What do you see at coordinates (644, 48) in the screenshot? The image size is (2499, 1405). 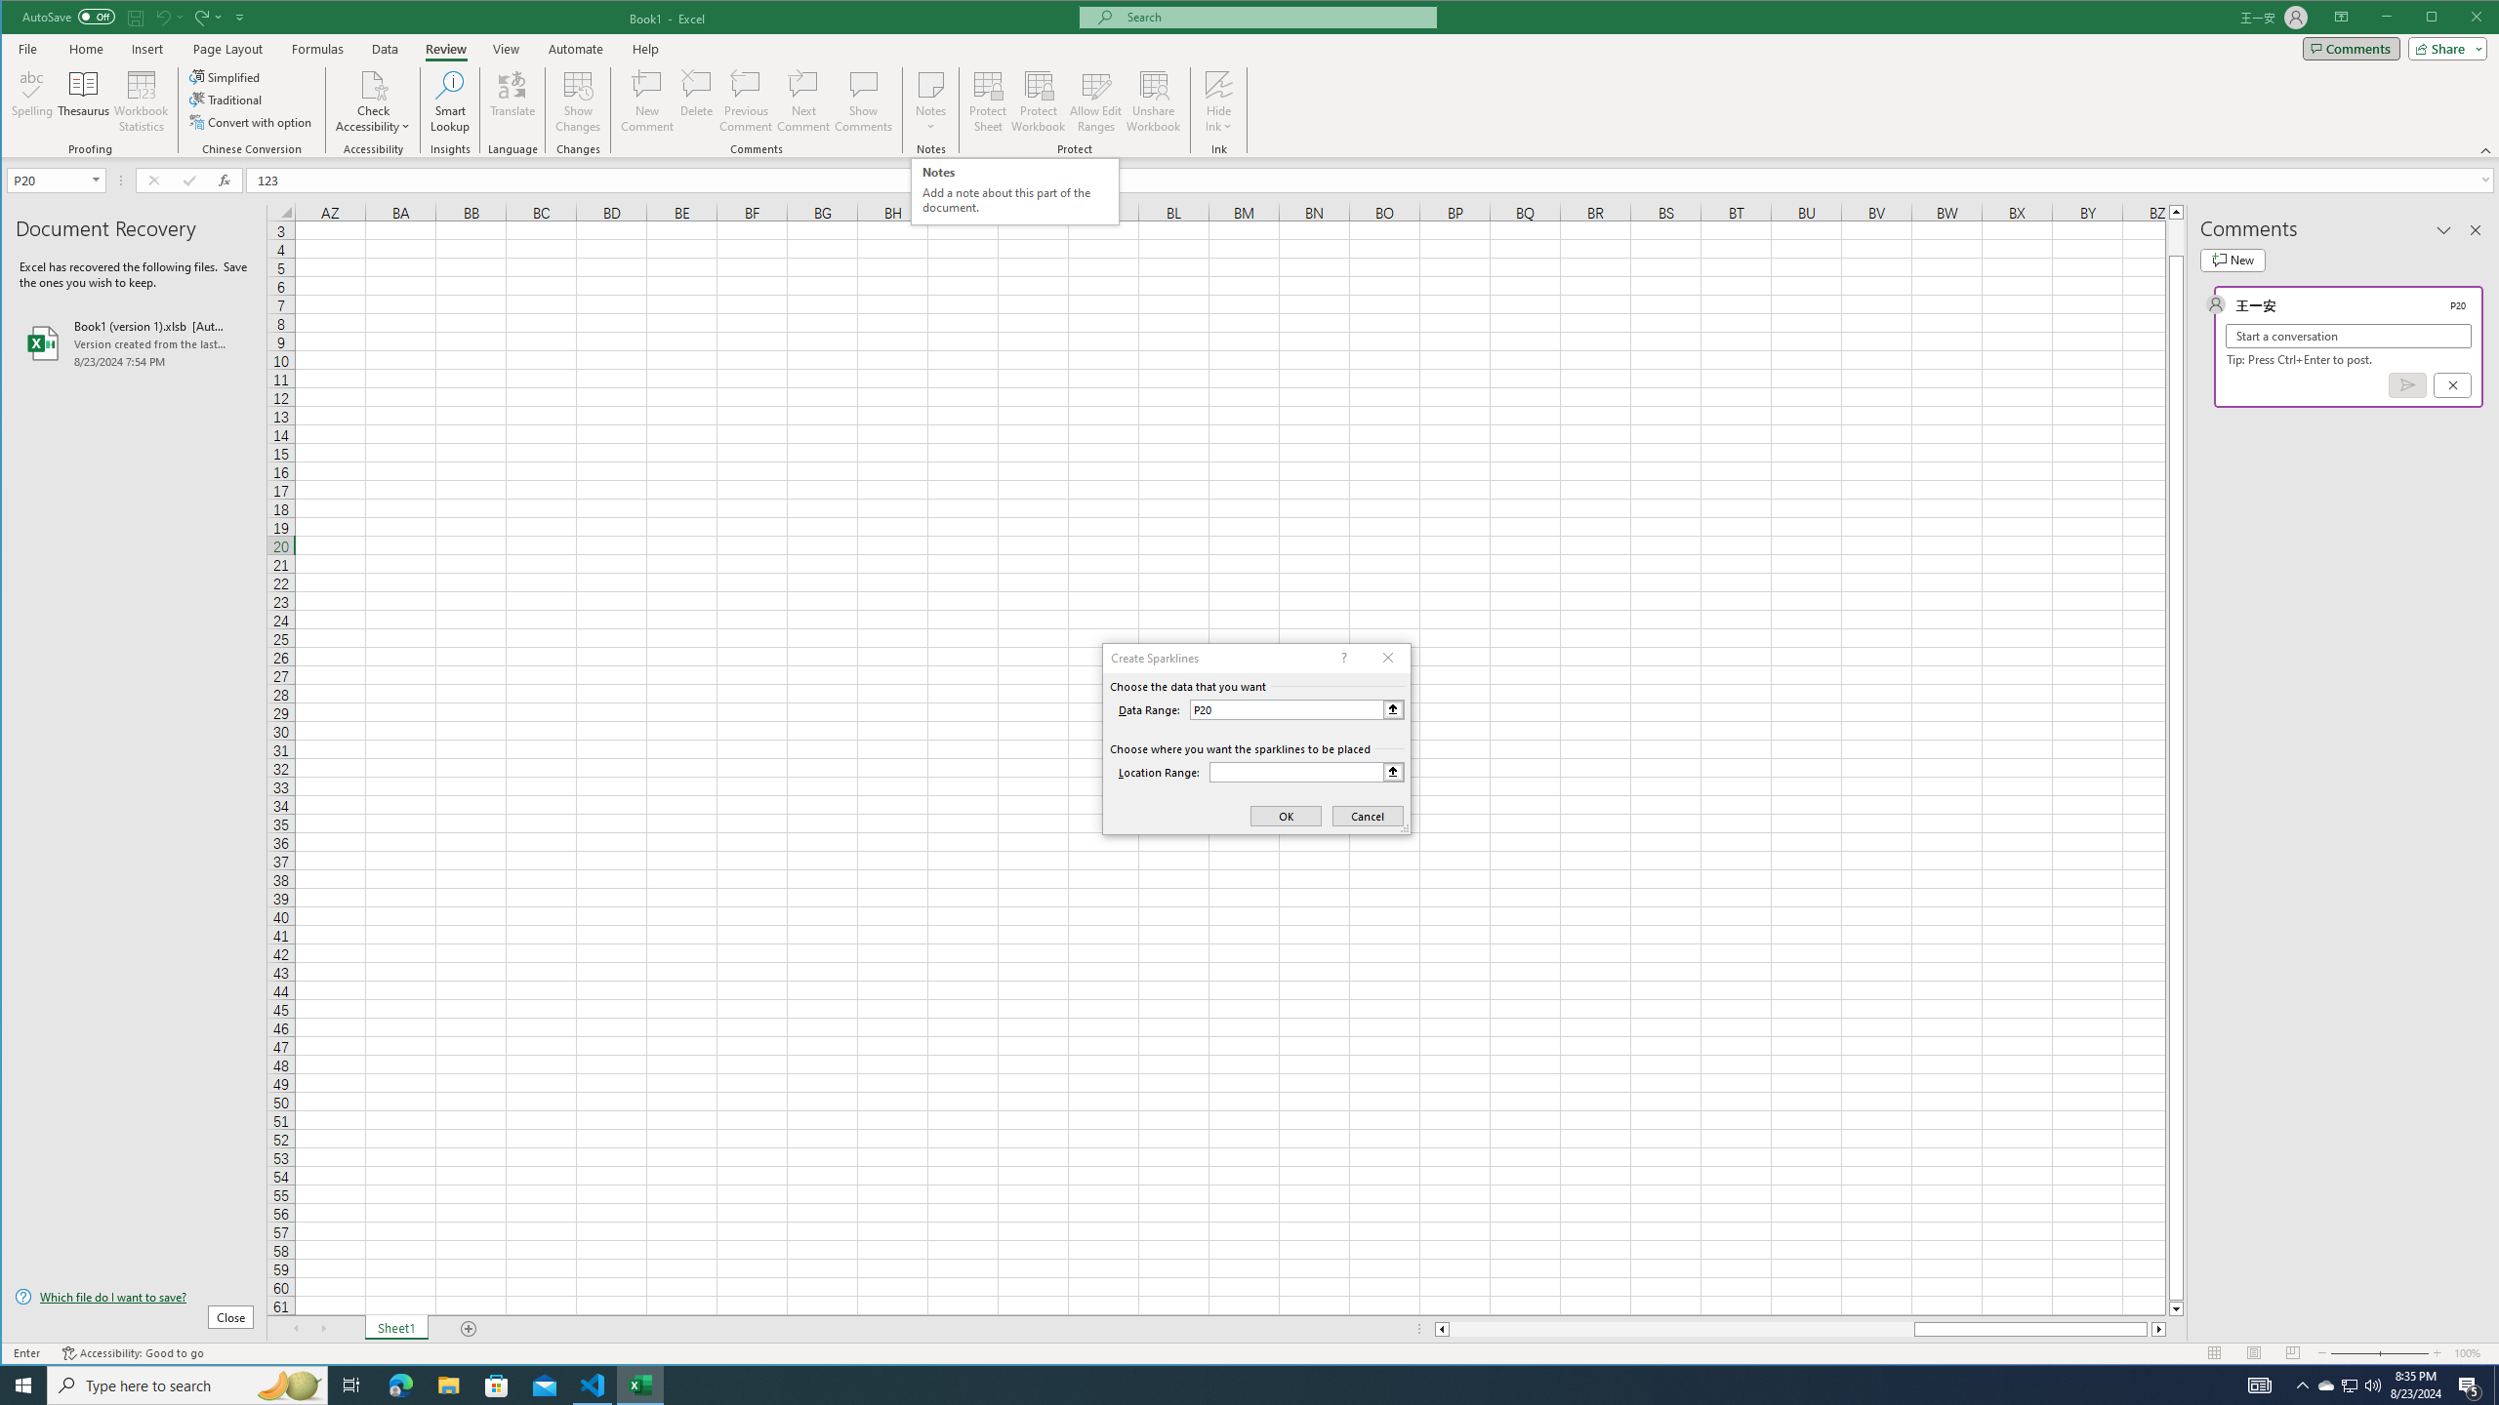 I see `'Help'` at bounding box center [644, 48].